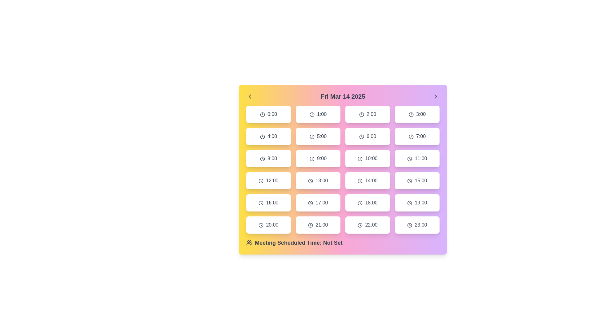 The height and width of the screenshot is (332, 591). Describe the element at coordinates (268, 158) in the screenshot. I see `the interactive button for selecting the time '8:00' in the scheduling interface for potential rearrangement` at that location.